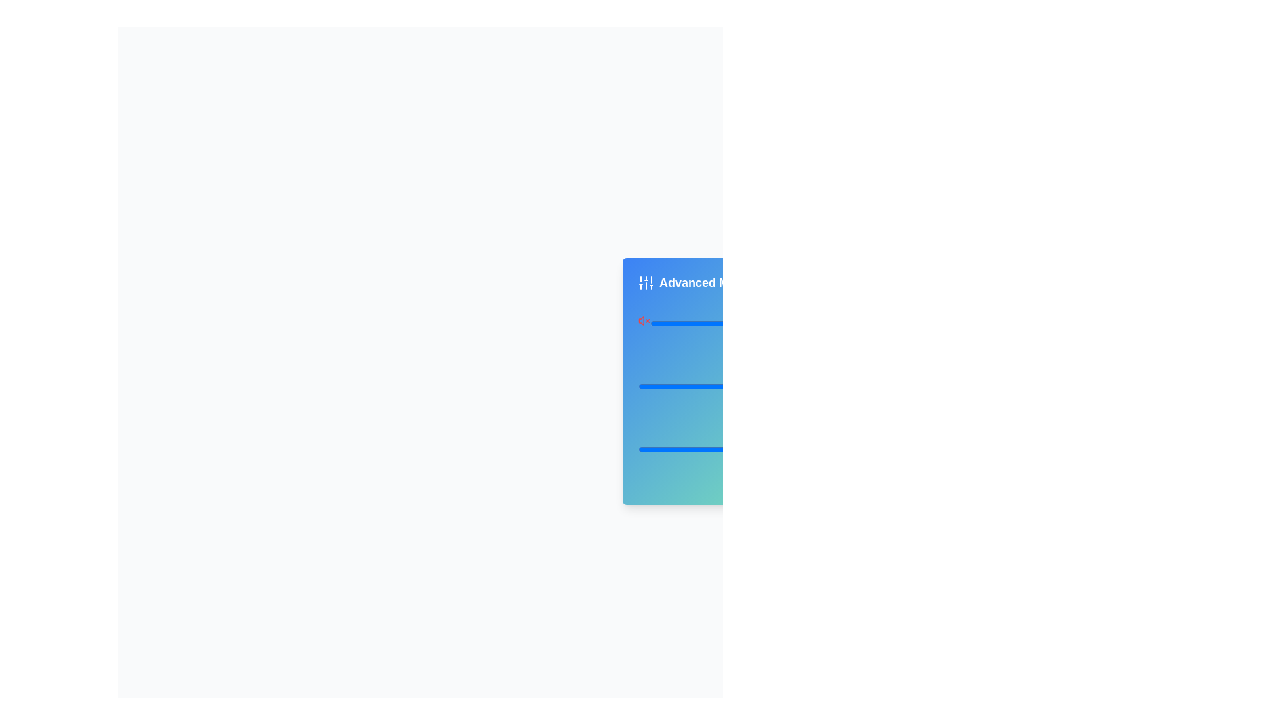  Describe the element at coordinates (710, 386) in the screenshot. I see `the slider value` at that location.